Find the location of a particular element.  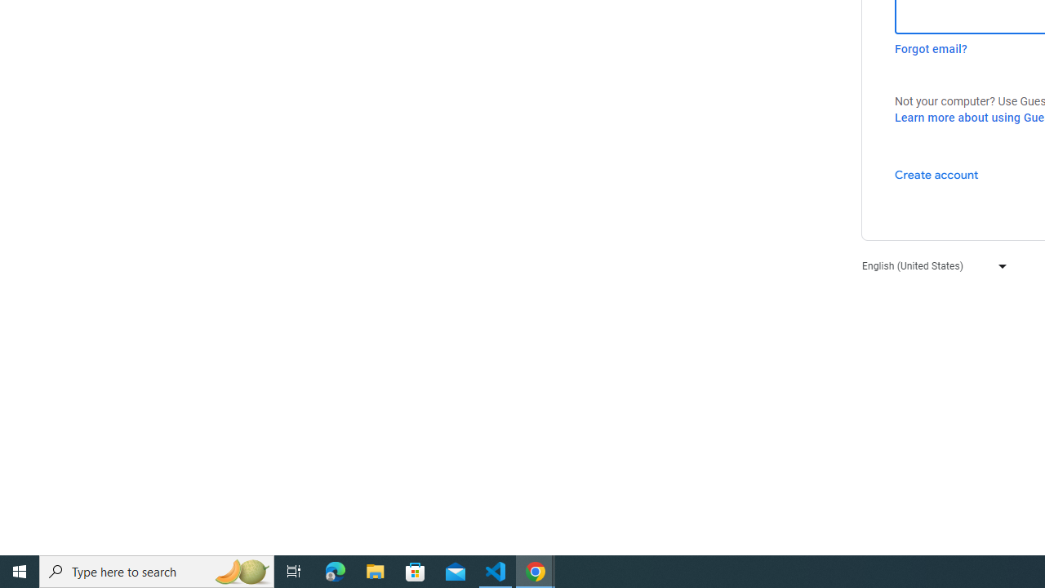

'Create account' is located at coordinates (936, 174).